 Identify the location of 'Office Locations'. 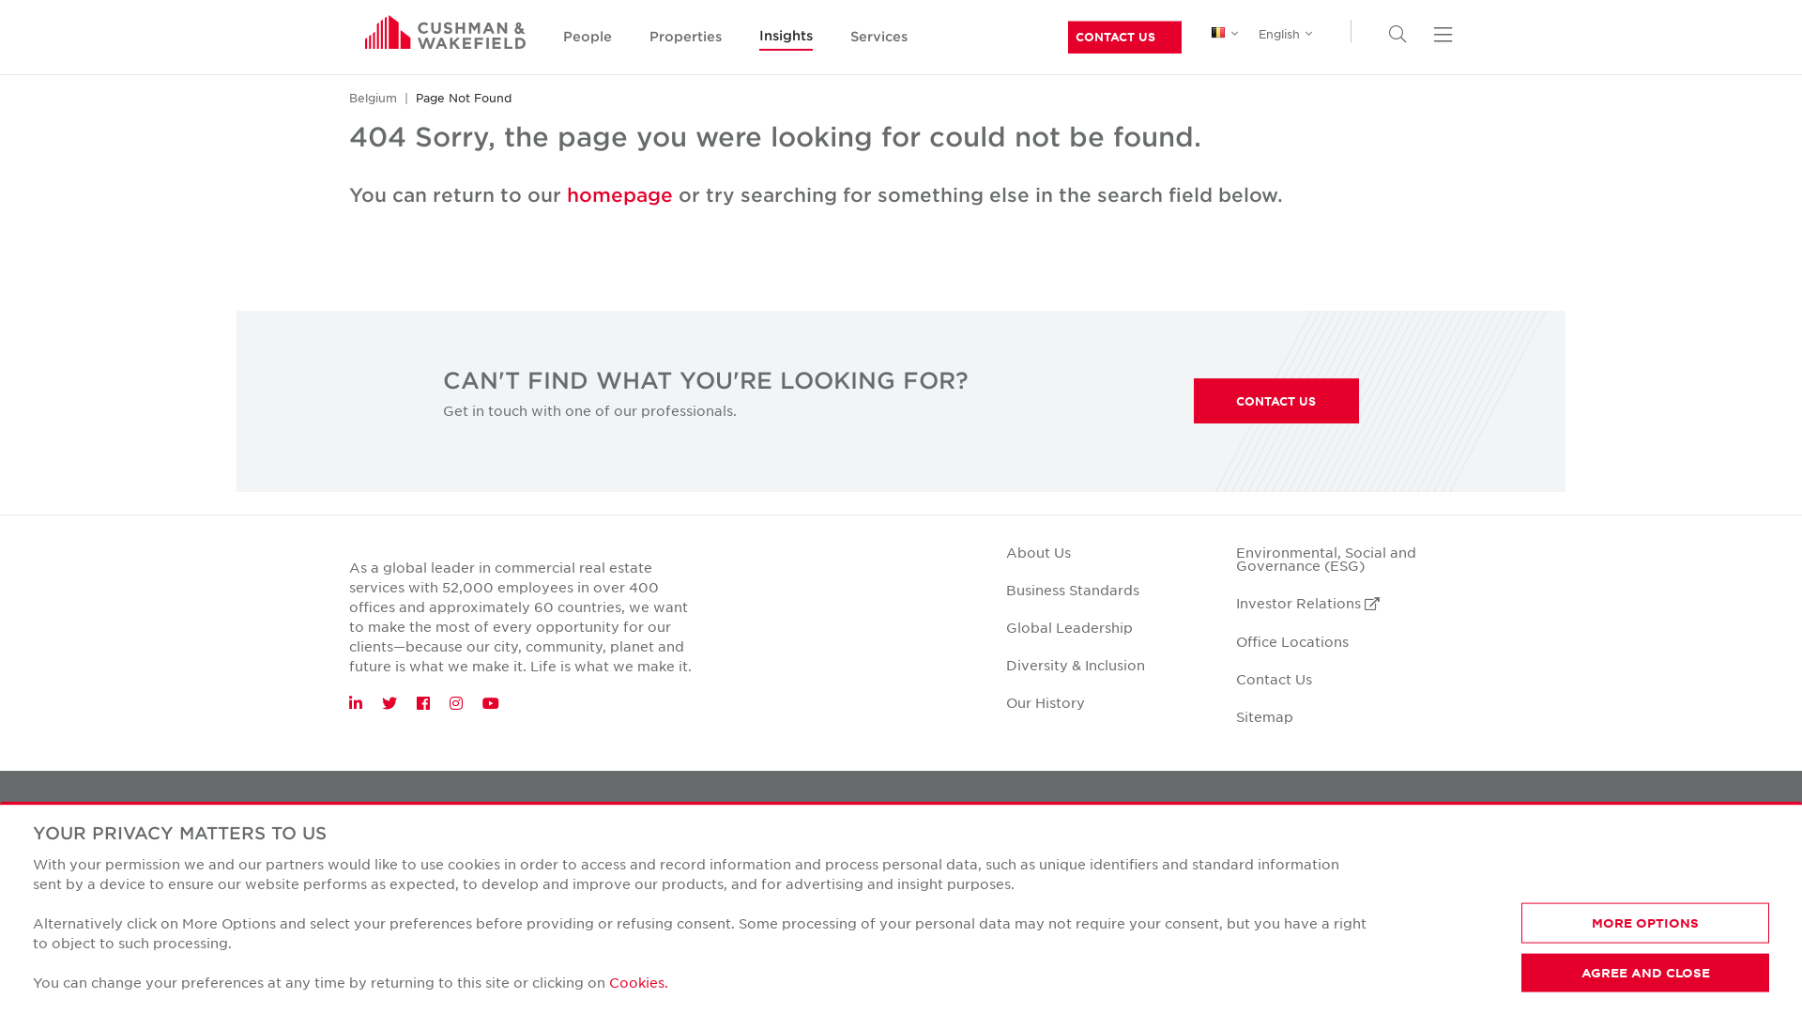
(1291, 639).